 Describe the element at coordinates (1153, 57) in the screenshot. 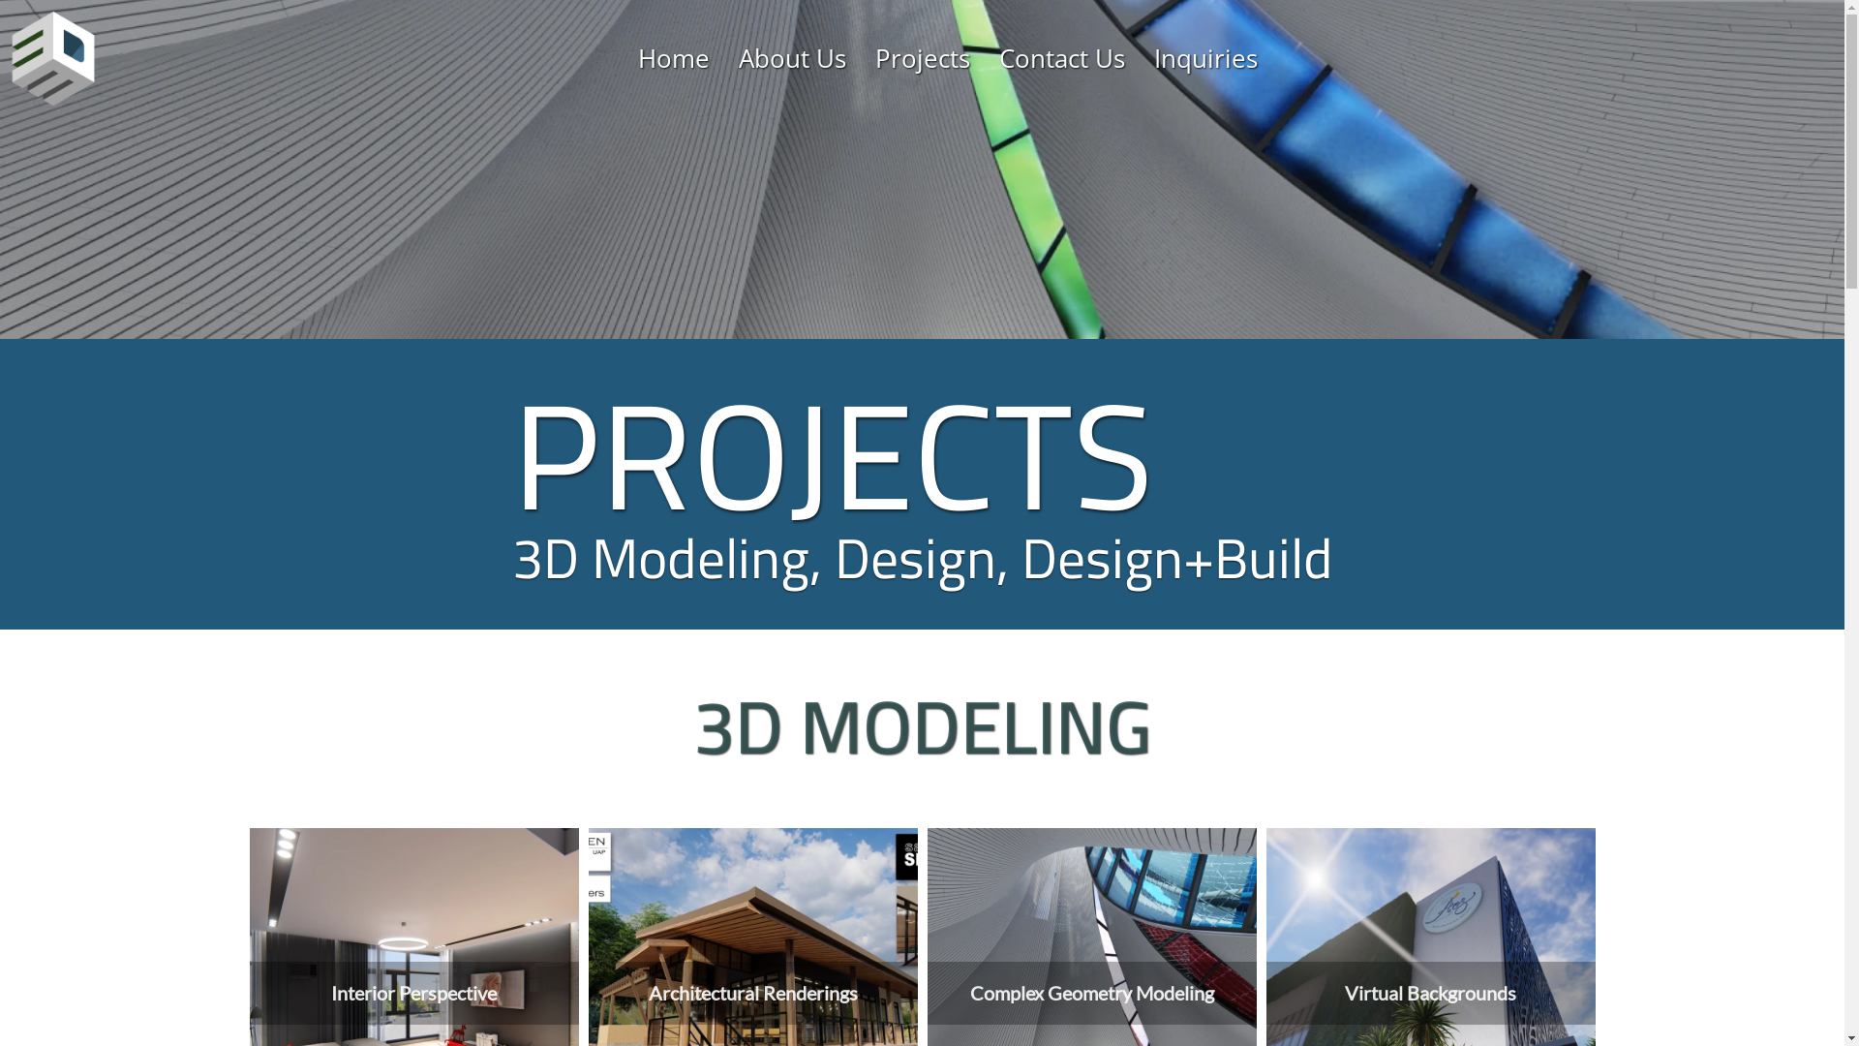

I see `'Inquiries'` at that location.